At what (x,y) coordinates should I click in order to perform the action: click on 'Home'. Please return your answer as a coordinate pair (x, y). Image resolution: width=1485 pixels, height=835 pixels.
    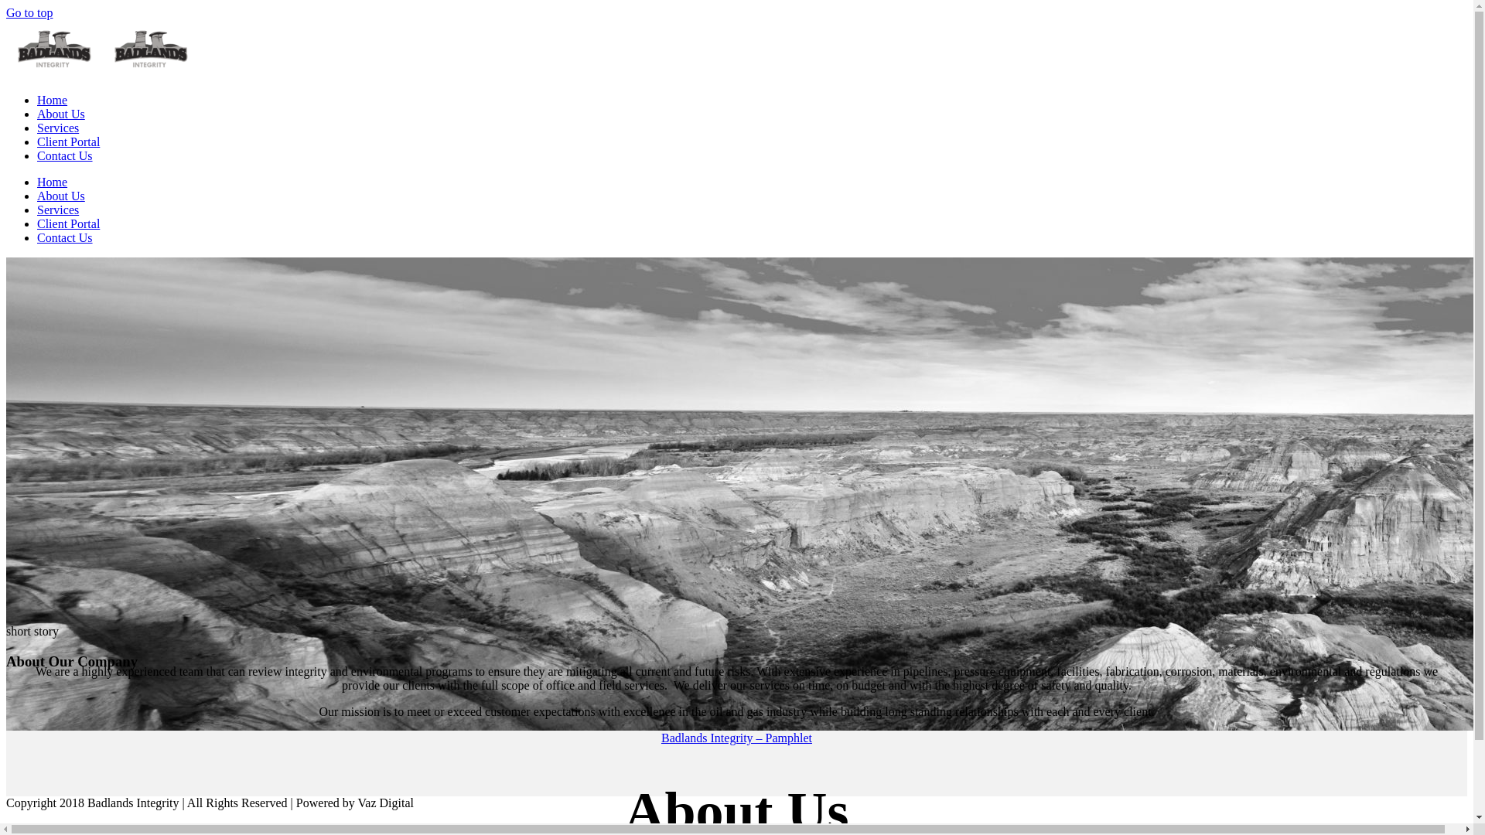
    Looking at the image, I should click on (52, 181).